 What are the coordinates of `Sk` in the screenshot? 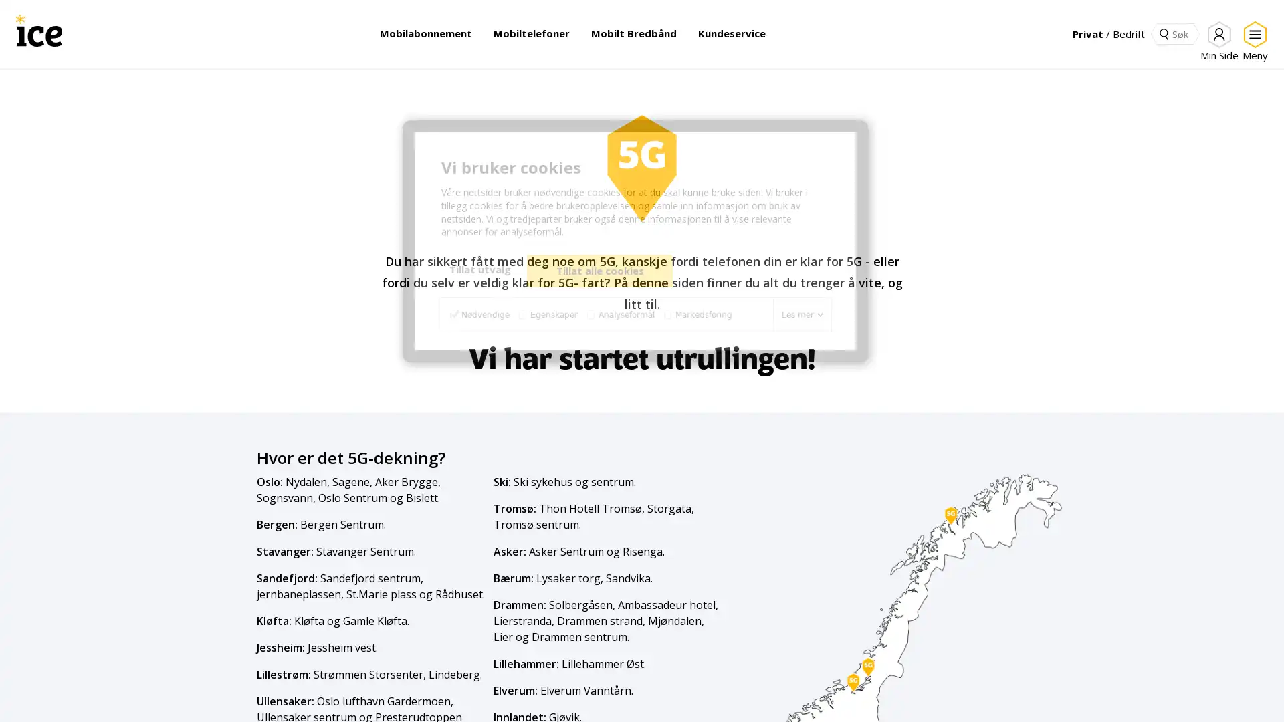 It's located at (1163, 33).